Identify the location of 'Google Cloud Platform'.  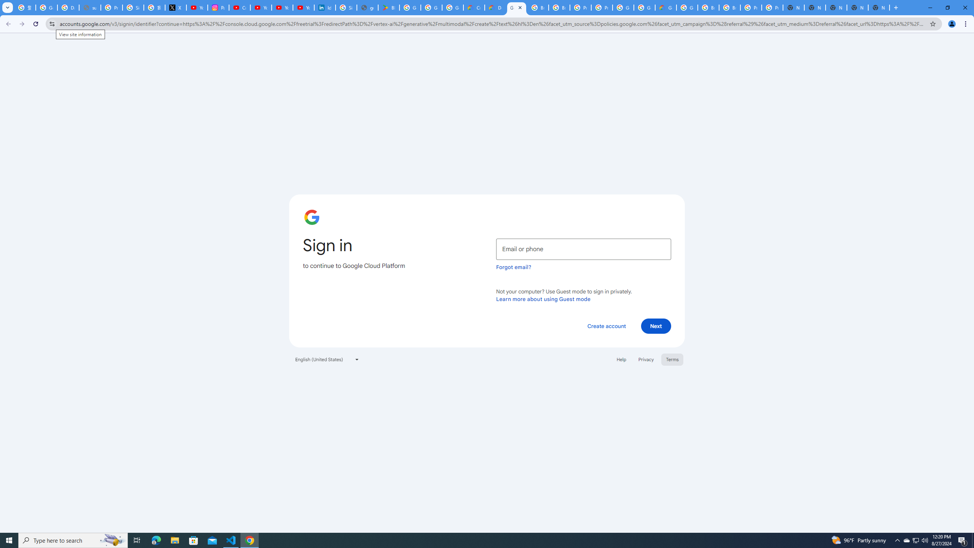
(622, 7).